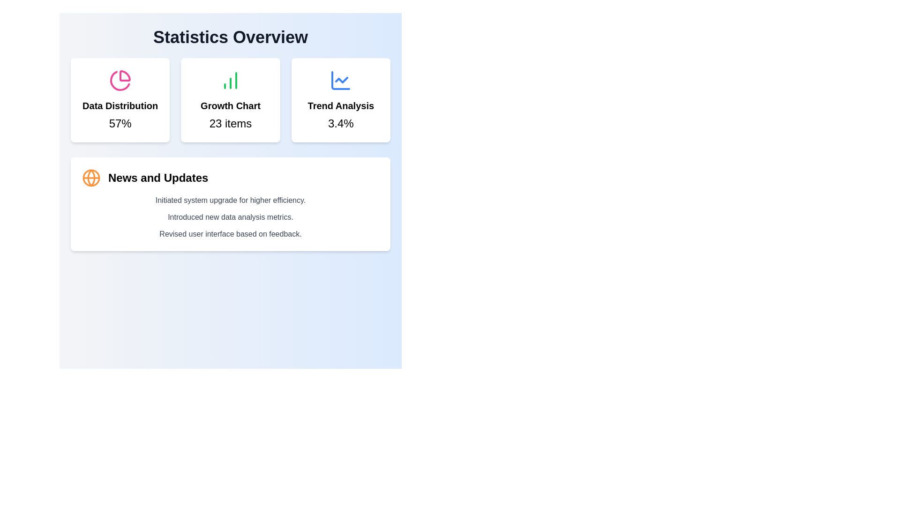 The width and height of the screenshot is (900, 506). I want to click on the context of the Text header located centrally within the middle card, positioned above the '23 items' text, so click(230, 105).